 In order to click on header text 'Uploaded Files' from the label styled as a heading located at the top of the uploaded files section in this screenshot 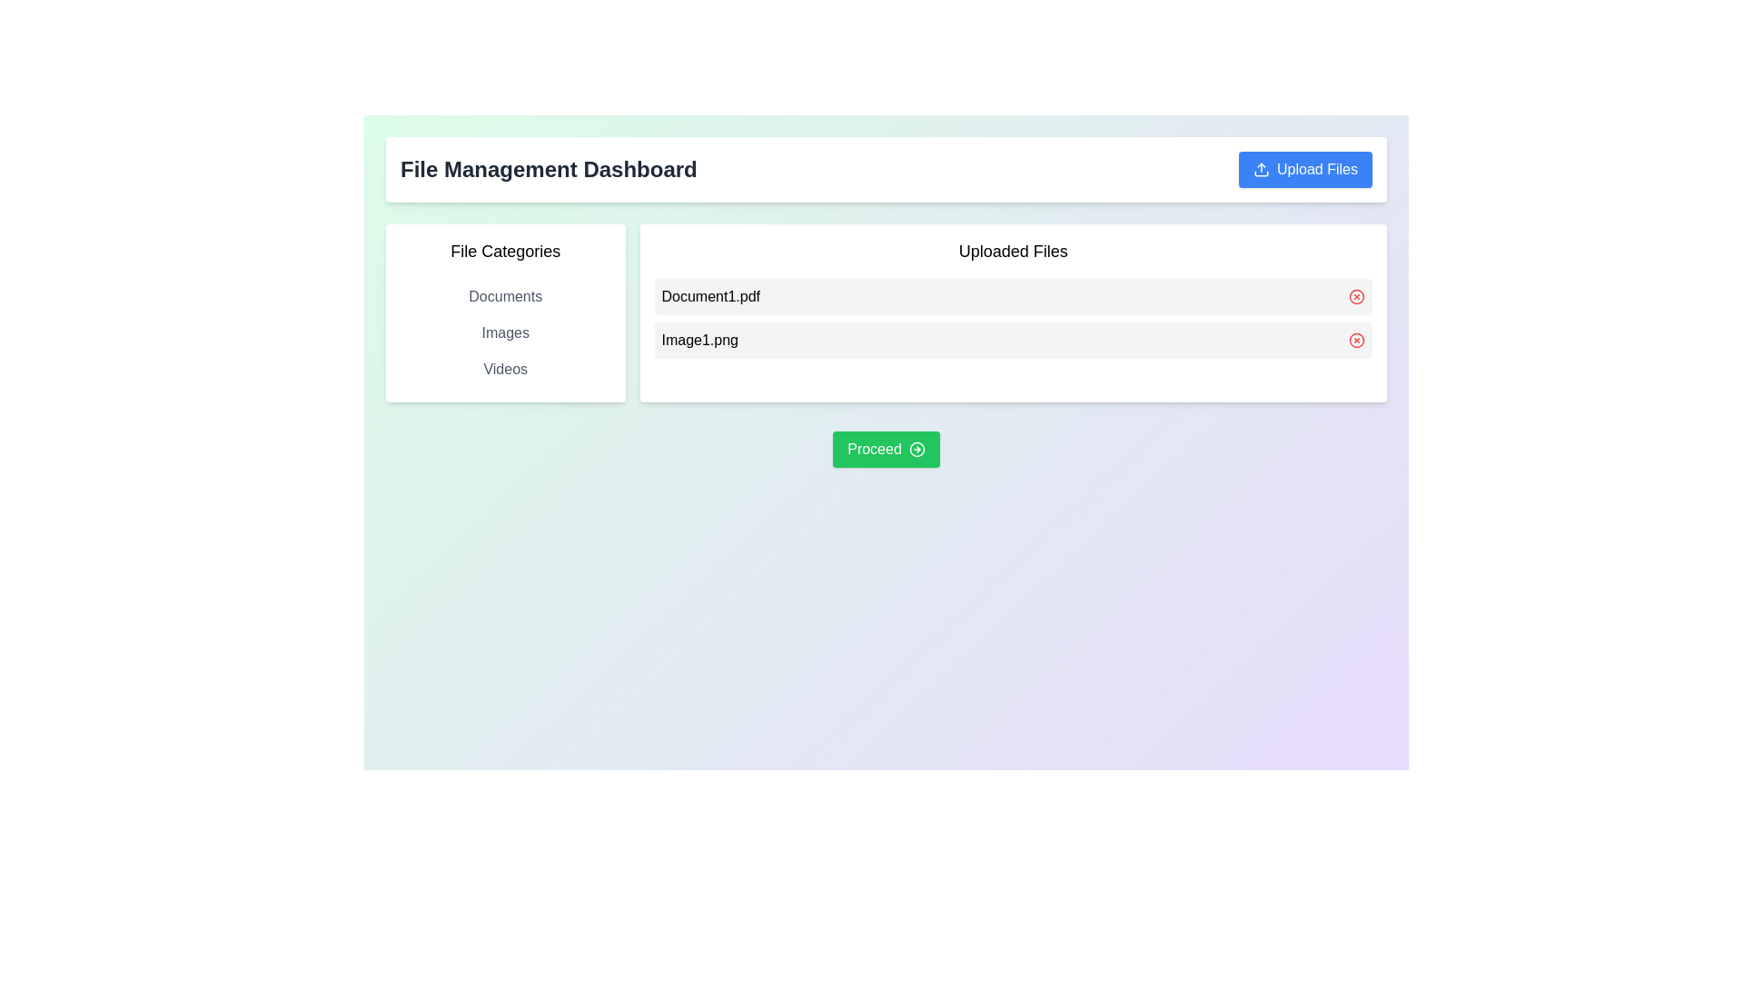, I will do `click(1012, 252)`.